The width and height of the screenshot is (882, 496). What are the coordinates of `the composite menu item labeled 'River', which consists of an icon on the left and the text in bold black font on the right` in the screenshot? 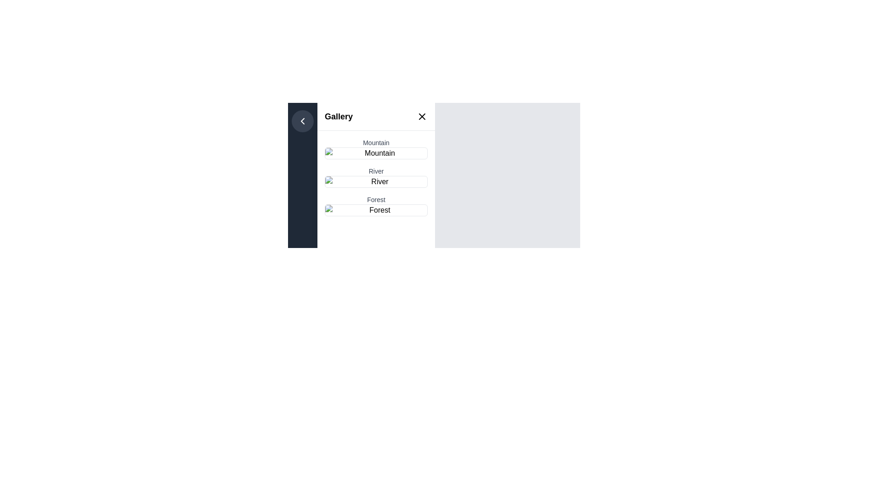 It's located at (376, 177).